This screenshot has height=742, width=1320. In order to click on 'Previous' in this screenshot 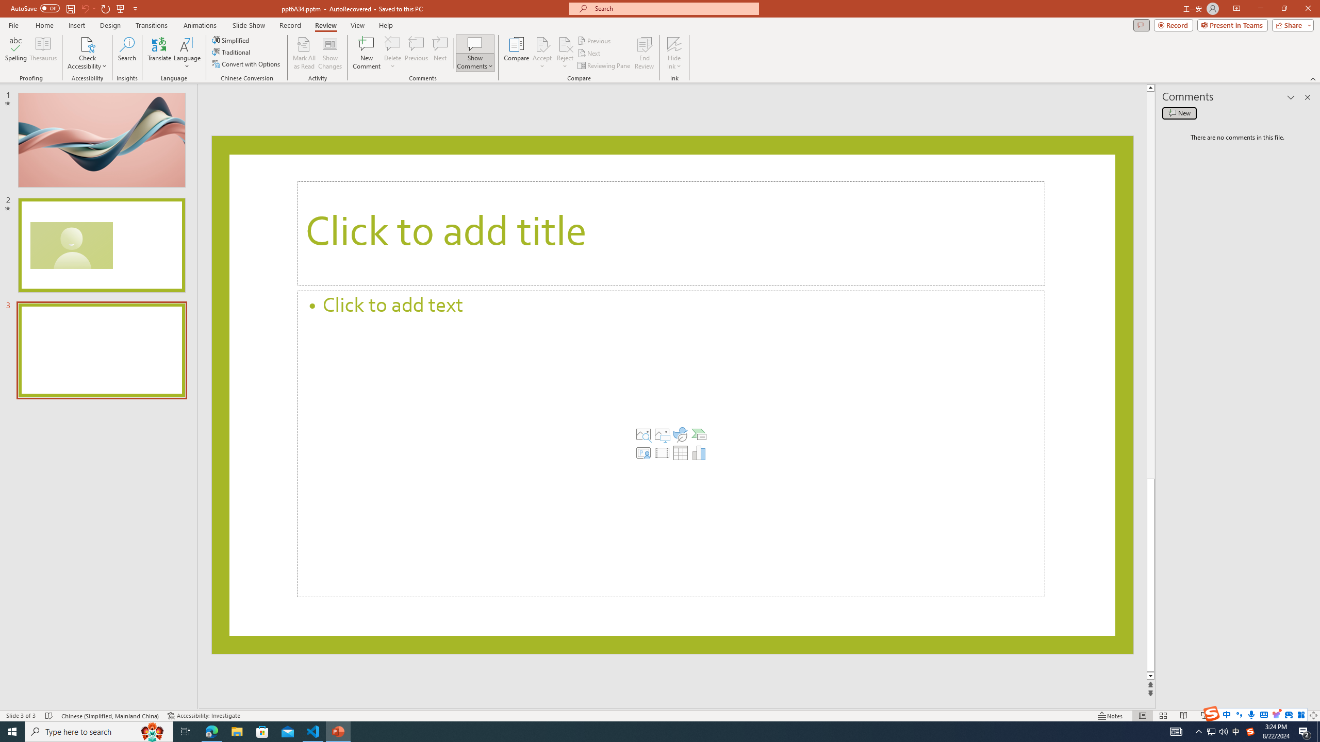, I will do `click(595, 40)`.